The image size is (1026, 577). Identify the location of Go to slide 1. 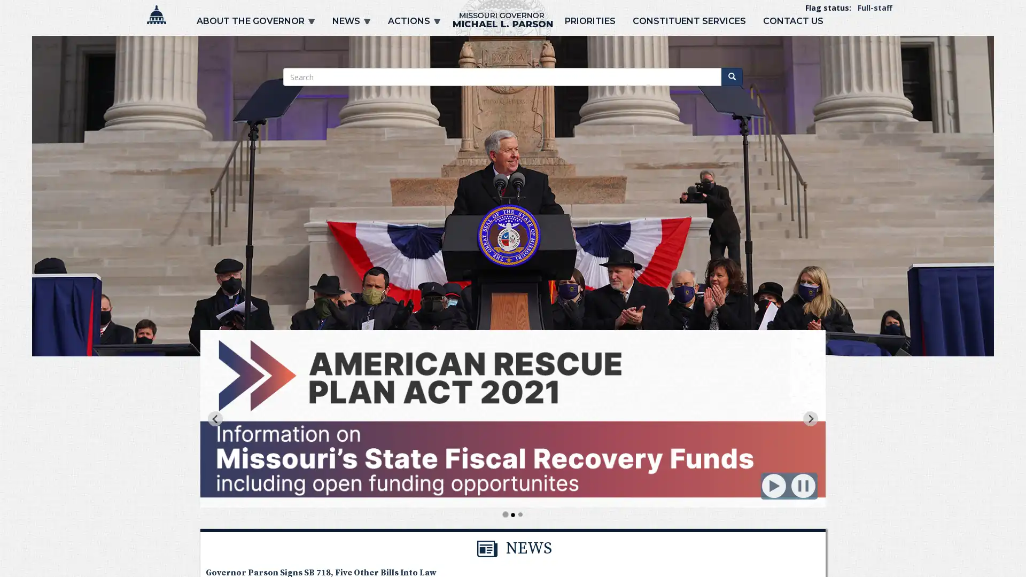
(504, 514).